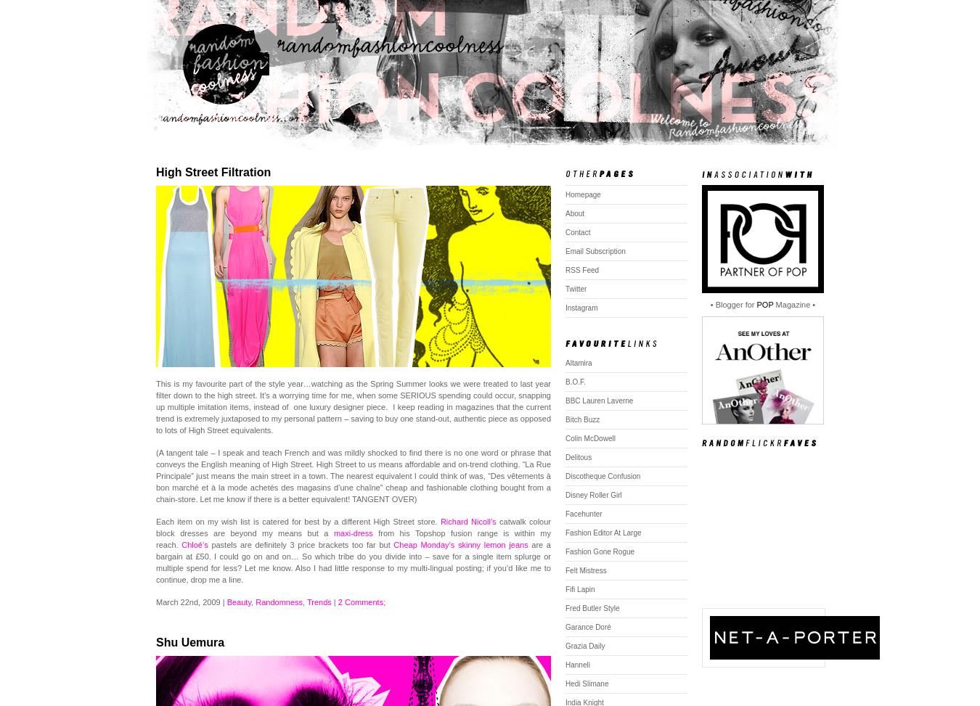 This screenshot has width=980, height=706. I want to click on 'Homepage', so click(582, 194).